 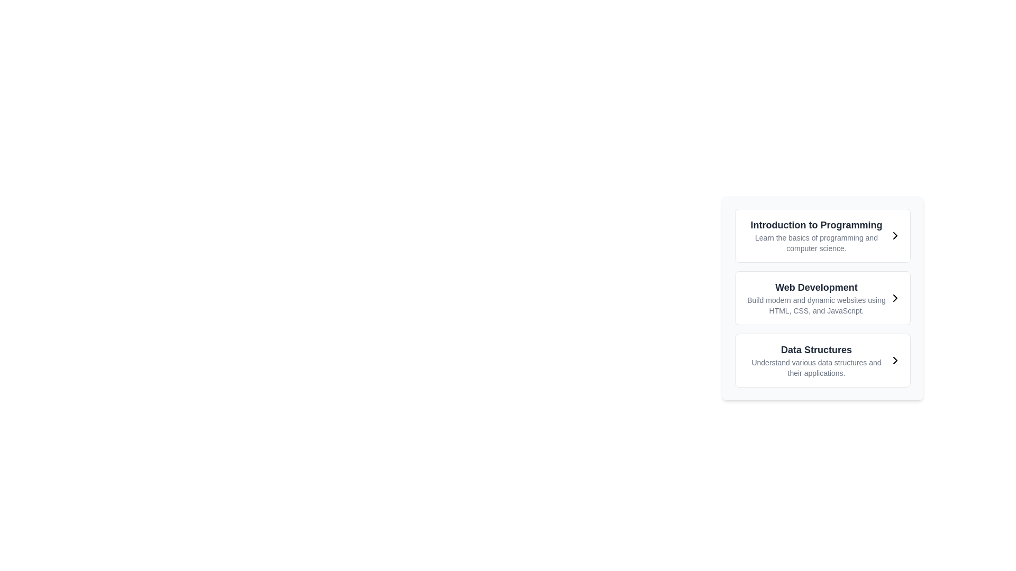 What do you see at coordinates (822, 298) in the screenshot?
I see `the second clickable card element in the vertically stacked list of web development topics` at bounding box center [822, 298].